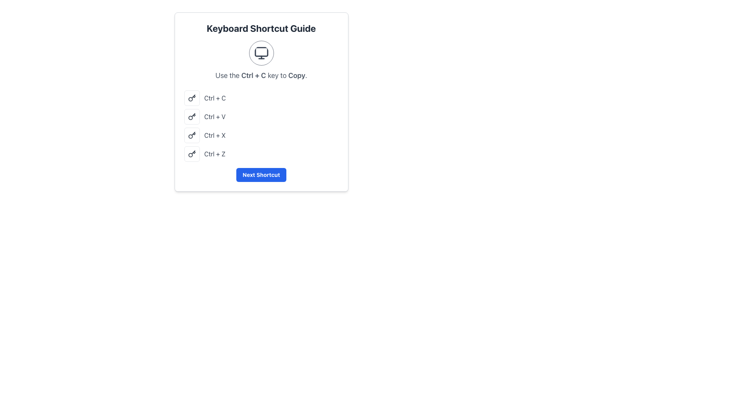 Image resolution: width=745 pixels, height=419 pixels. I want to click on the second icon in the vertical list of key-related icons, which is positioned before the 'Ctrl + V' label, so click(192, 116).